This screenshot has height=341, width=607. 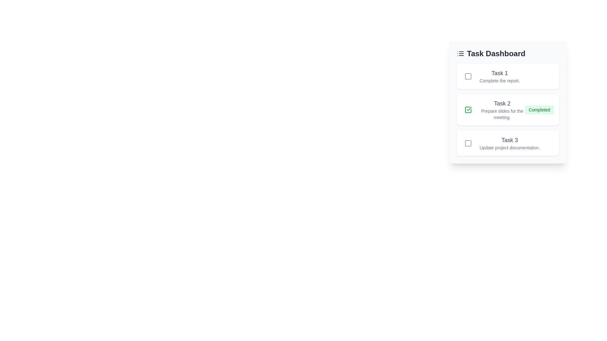 I want to click on the task list heading and its icon for examination, so click(x=508, y=53).